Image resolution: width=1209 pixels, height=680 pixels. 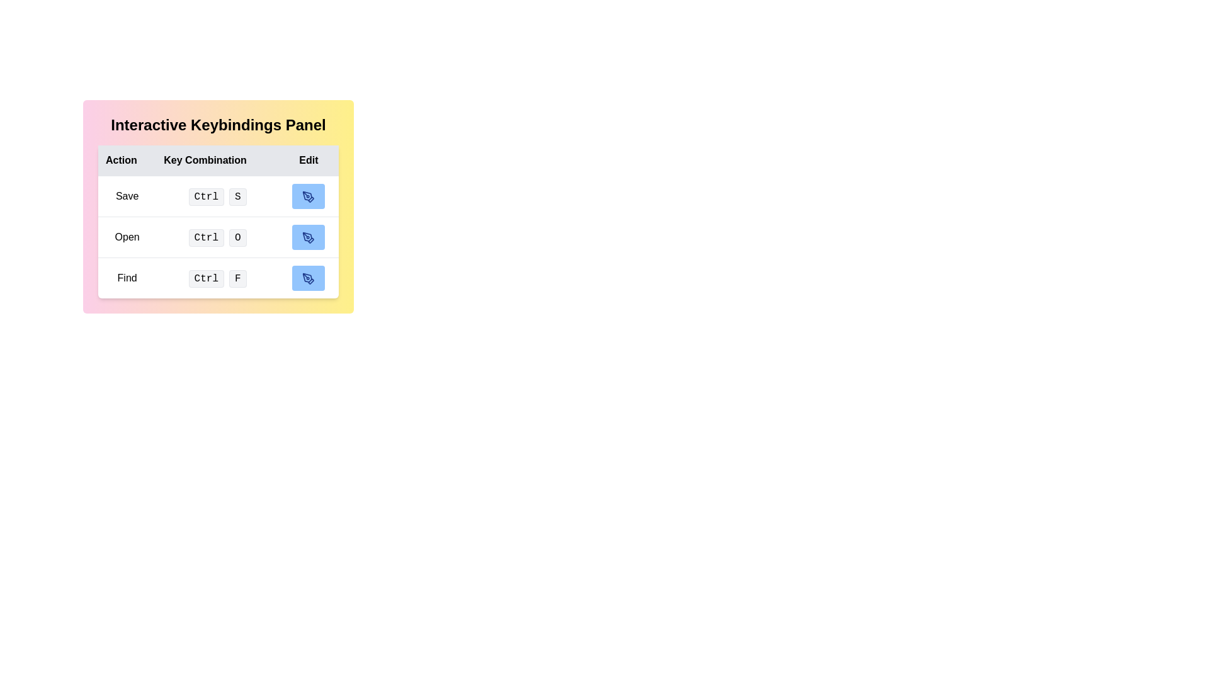 I want to click on the text label in the second row of the keybindings panel that describes the 'Open' functionality, which is horizontally aligned with 'Ctrl O' and the edit button, so click(x=127, y=237).